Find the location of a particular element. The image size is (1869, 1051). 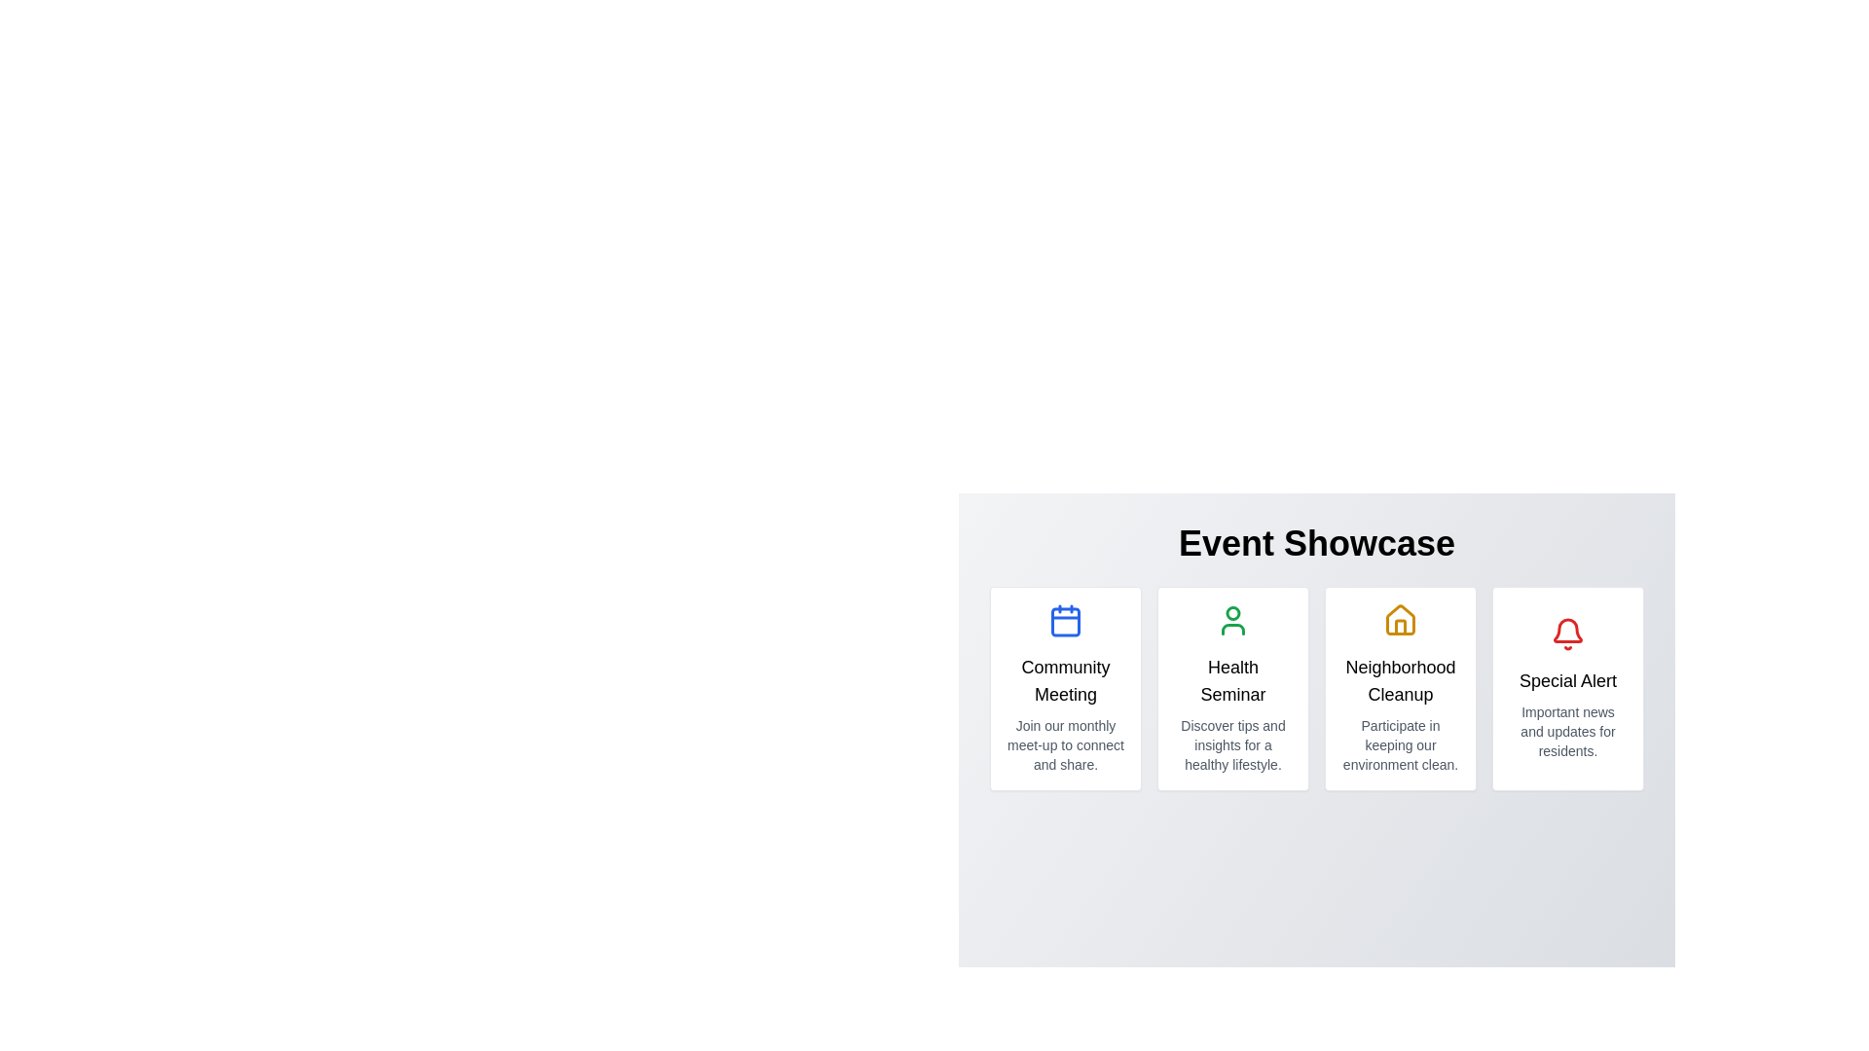

the text element reading 'Join our monthly meet-up to connect and share.' which is located directly below the heading 'Community Meeting' in the leftmost card of the 'Event Showcase' section is located at coordinates (1064, 744).